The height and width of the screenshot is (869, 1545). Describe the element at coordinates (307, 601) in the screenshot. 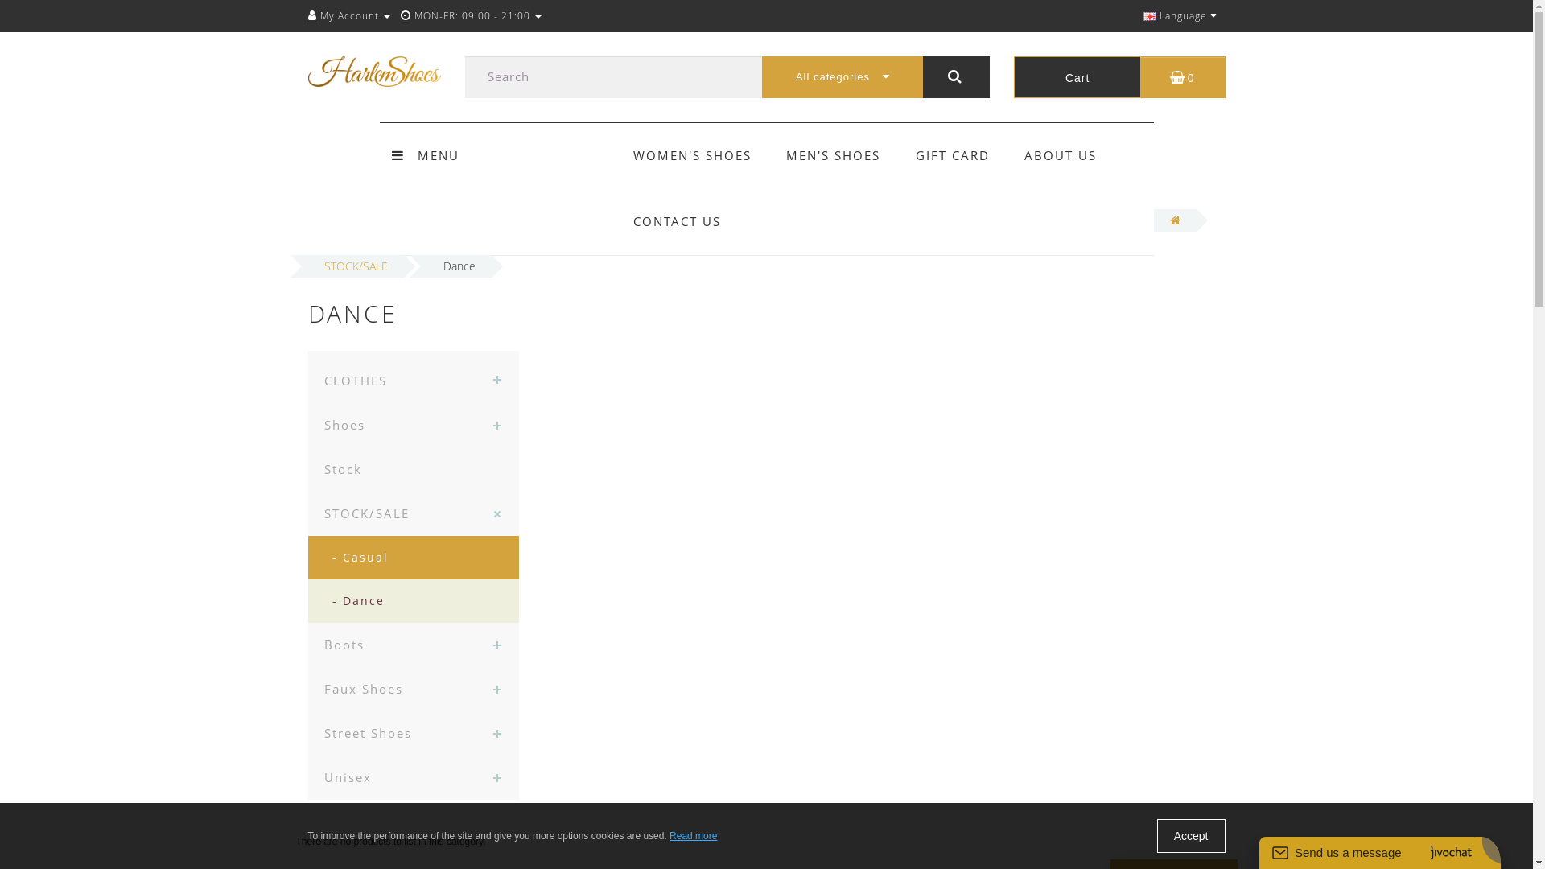

I see `'- Dance'` at that location.